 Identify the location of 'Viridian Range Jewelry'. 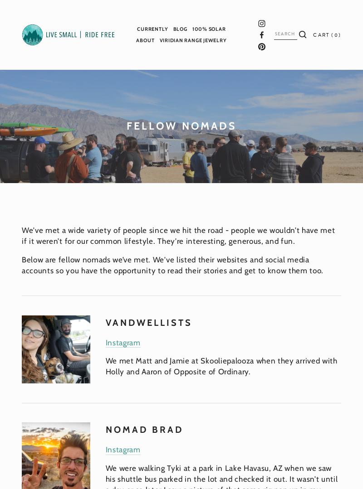
(159, 40).